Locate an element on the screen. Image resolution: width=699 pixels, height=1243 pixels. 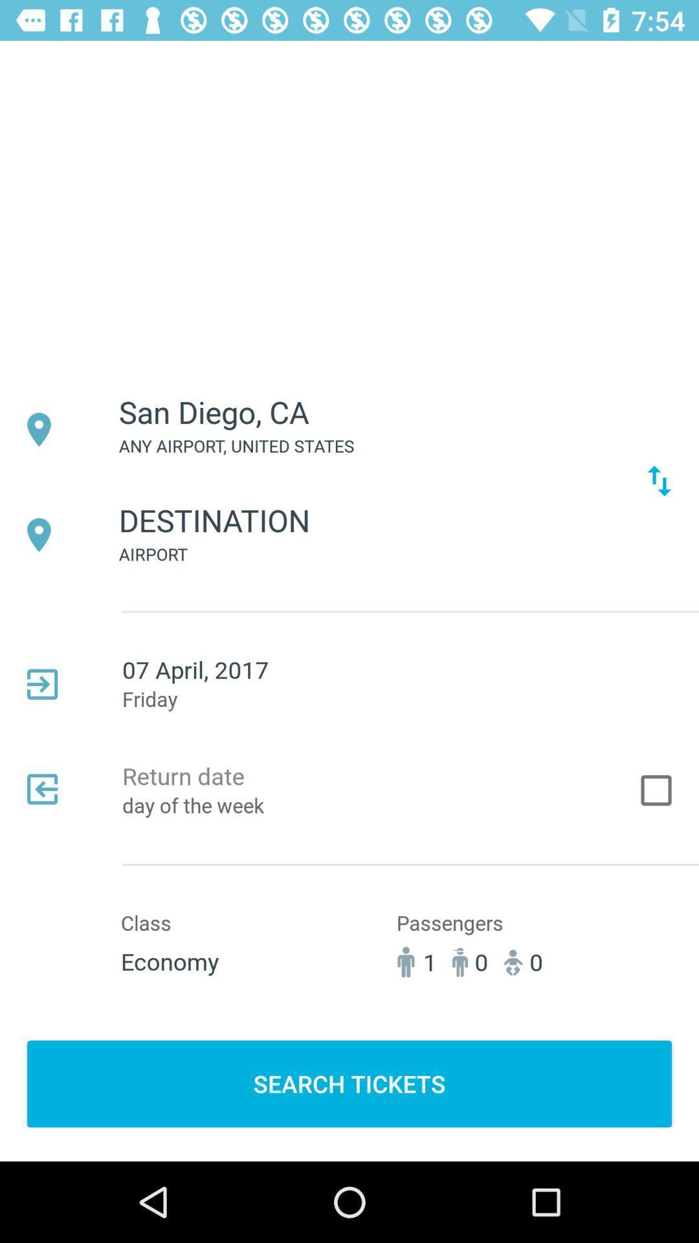
the button above the checkbox on the web page is located at coordinates (659, 480).